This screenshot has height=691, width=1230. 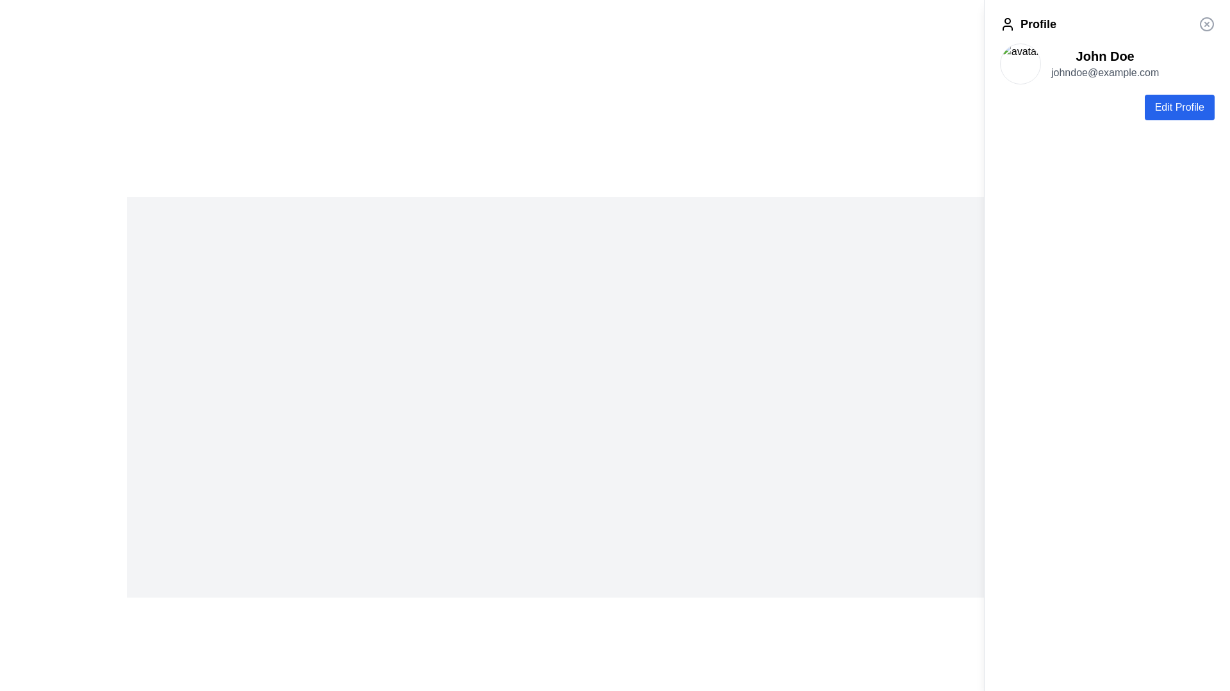 What do you see at coordinates (1020, 64) in the screenshot?
I see `the circular avatar image located at the top left of the profile section` at bounding box center [1020, 64].